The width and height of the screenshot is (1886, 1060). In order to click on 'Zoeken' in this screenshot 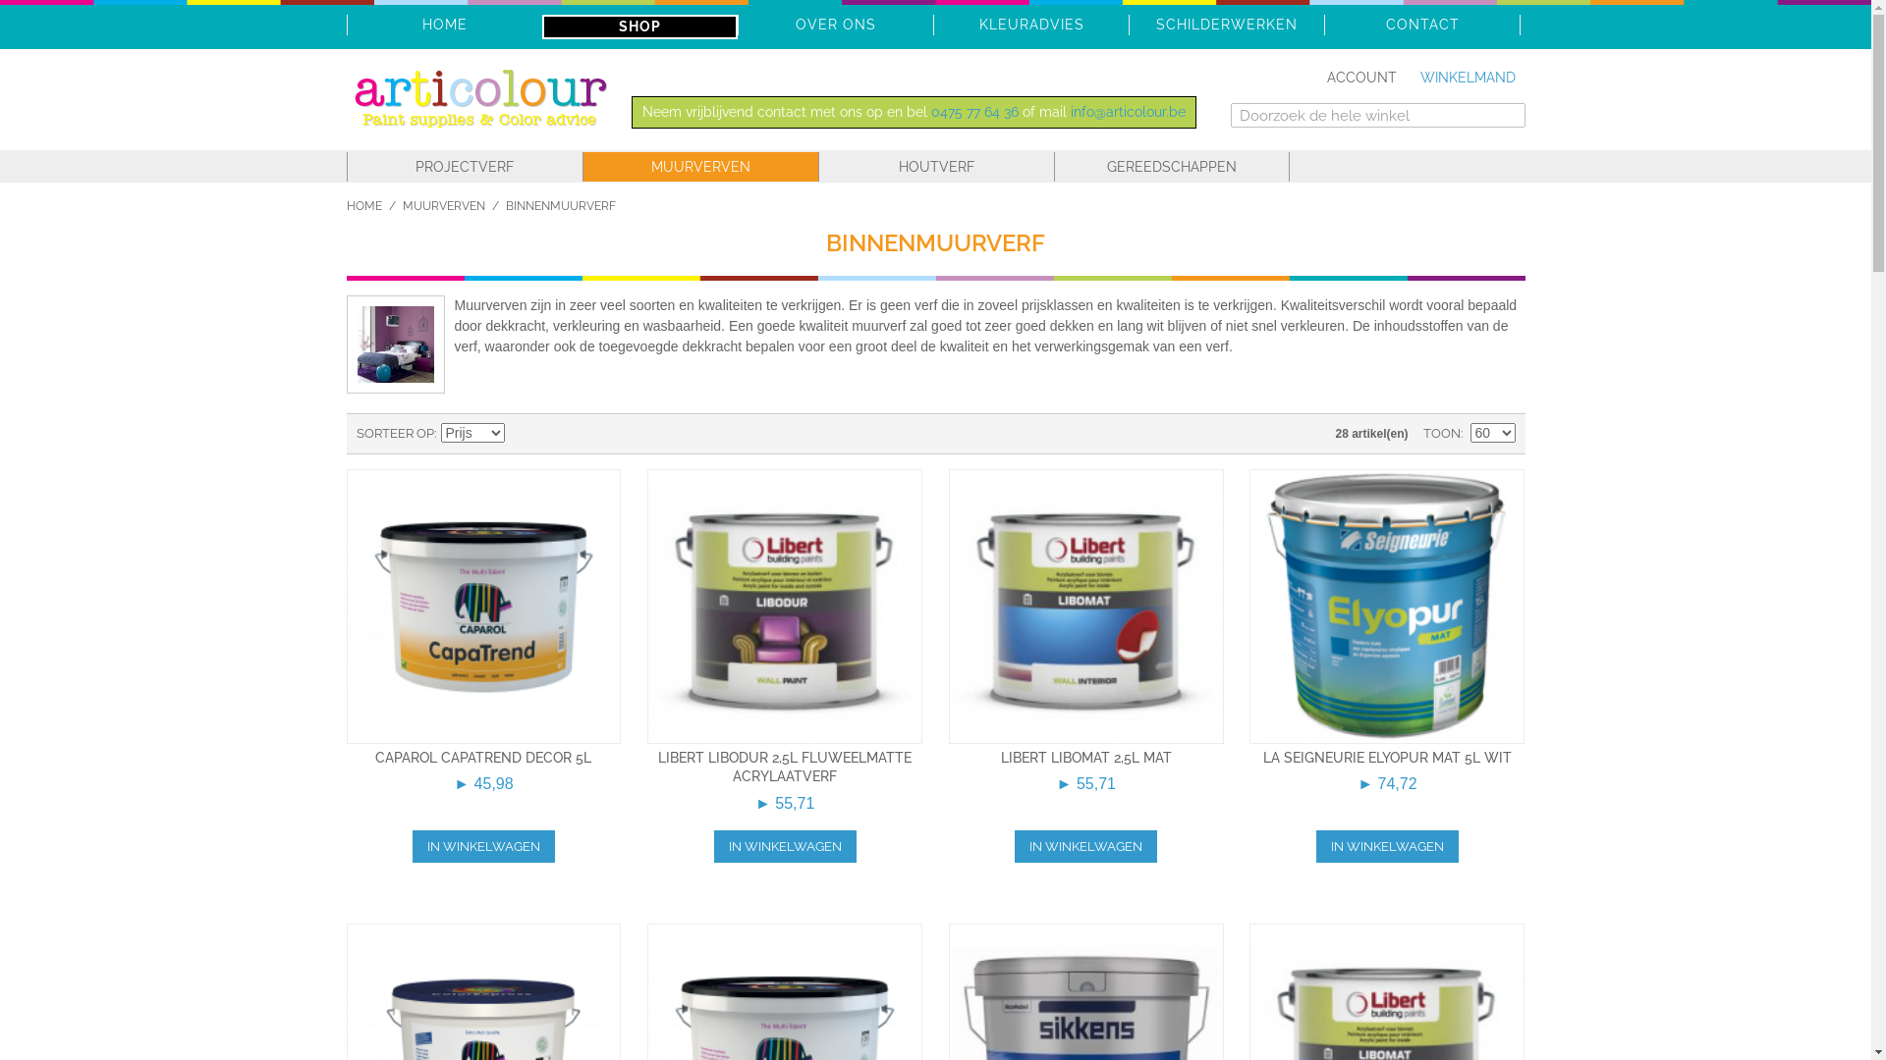, I will do `click(1503, 122)`.